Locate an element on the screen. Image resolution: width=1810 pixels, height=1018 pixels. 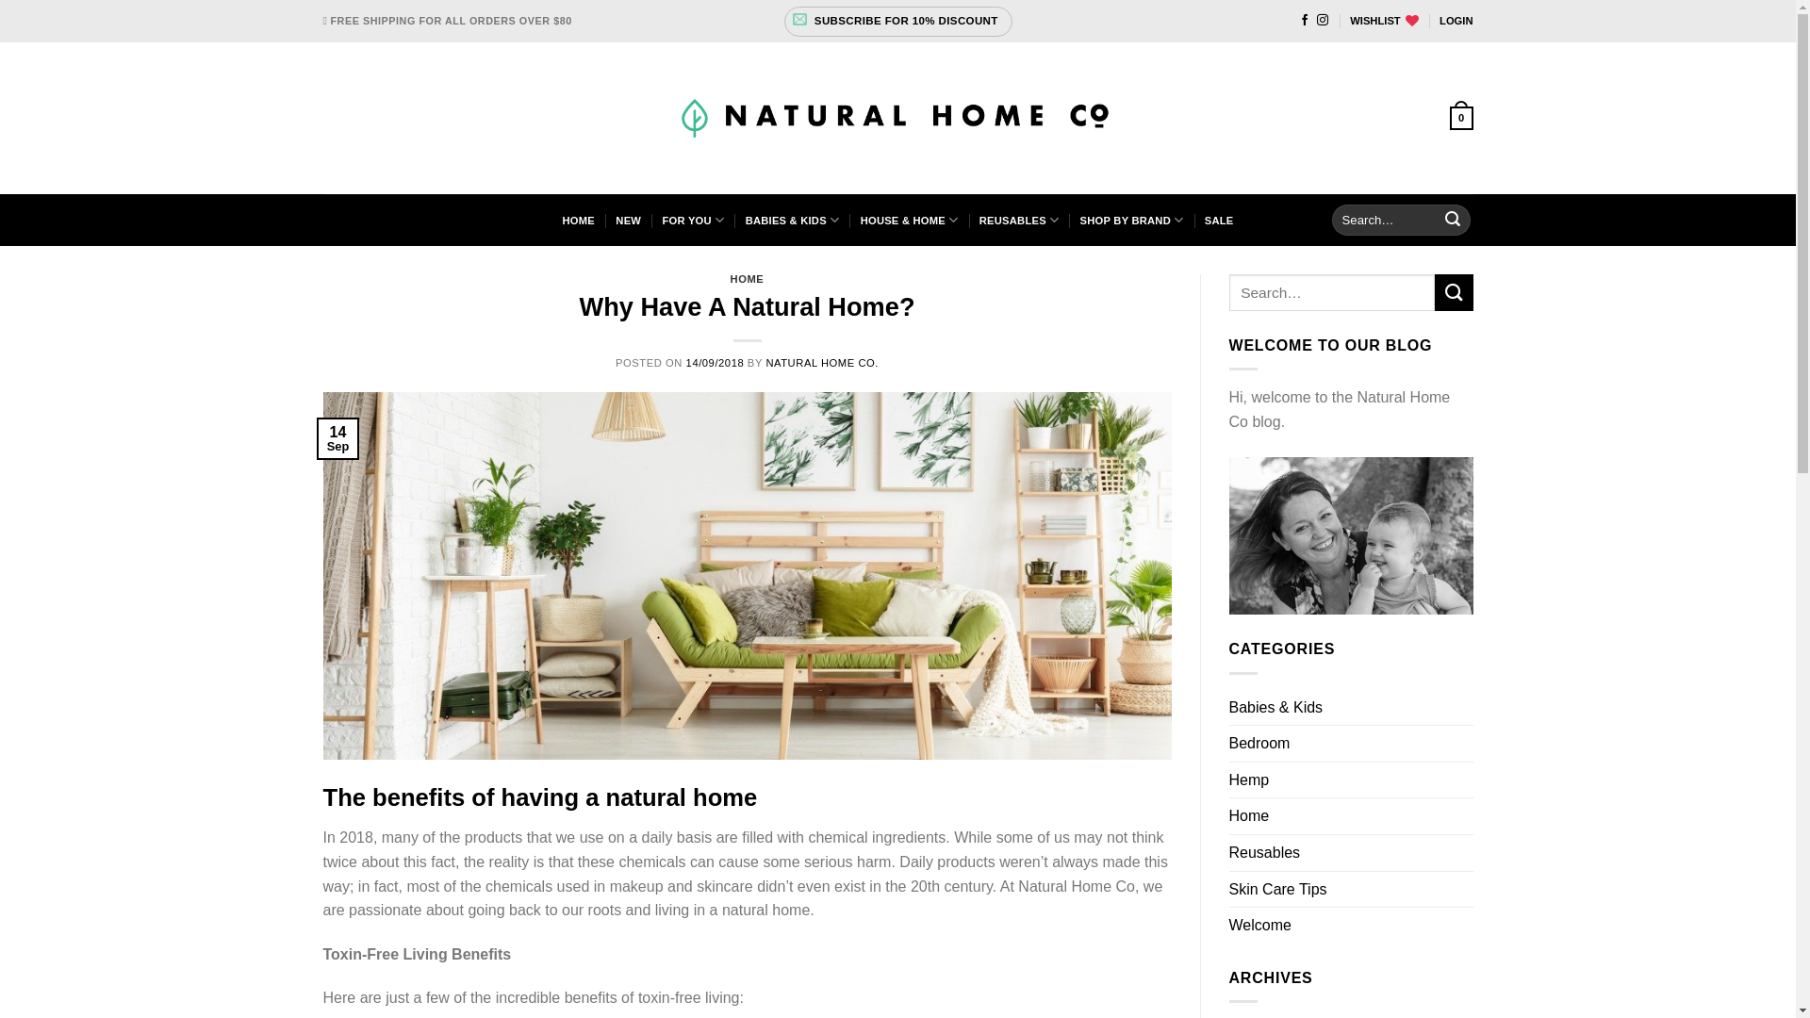
'HOUSE & HOME' is located at coordinates (909, 219).